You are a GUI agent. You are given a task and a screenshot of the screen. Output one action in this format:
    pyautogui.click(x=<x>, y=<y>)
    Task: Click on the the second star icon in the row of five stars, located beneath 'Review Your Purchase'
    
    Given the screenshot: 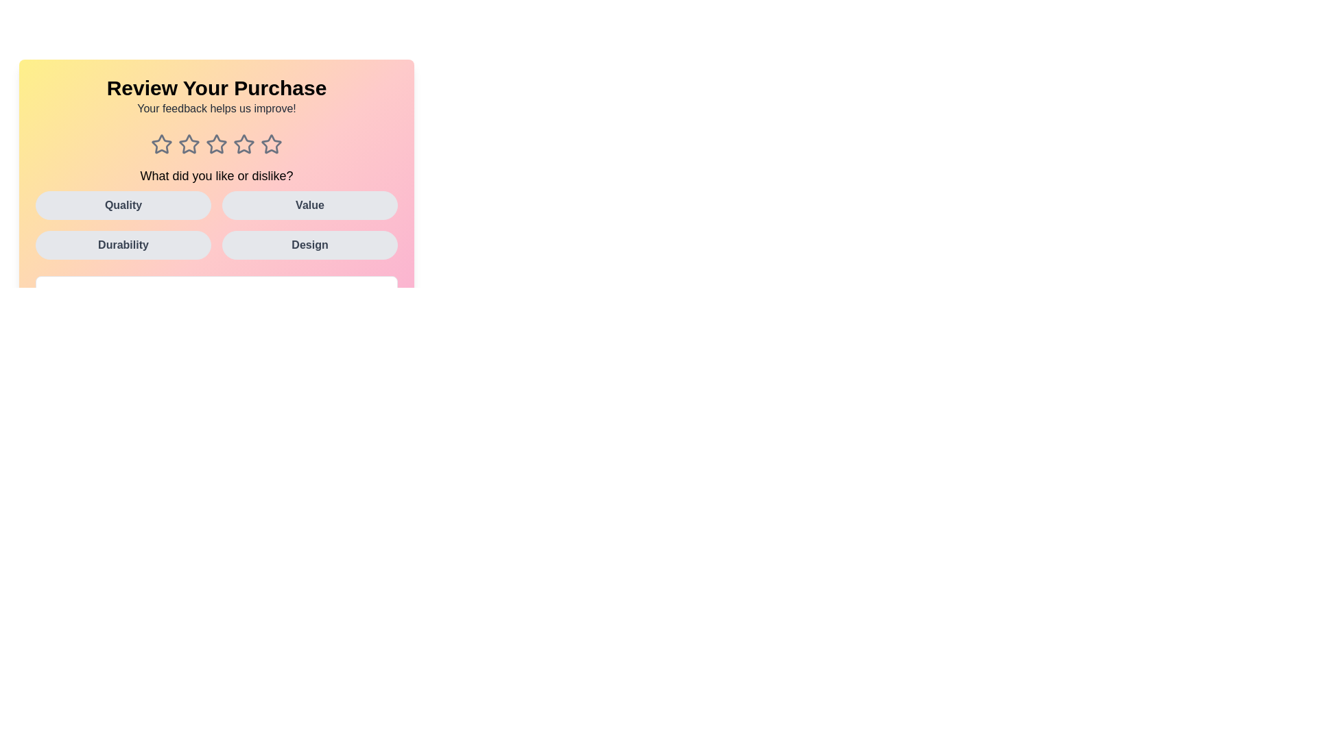 What is the action you would take?
    pyautogui.click(x=188, y=144)
    